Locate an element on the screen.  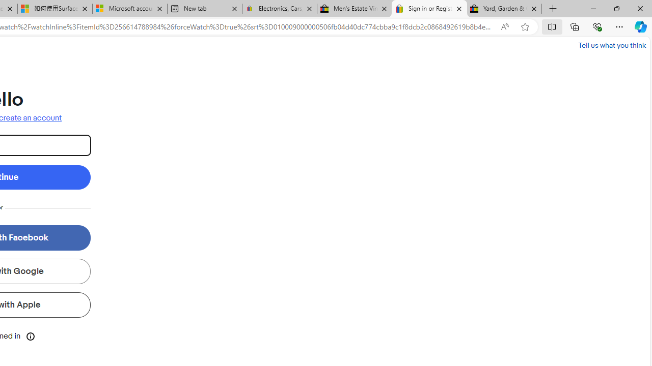
'Sign in or Register | eBay' is located at coordinates (429, 9).